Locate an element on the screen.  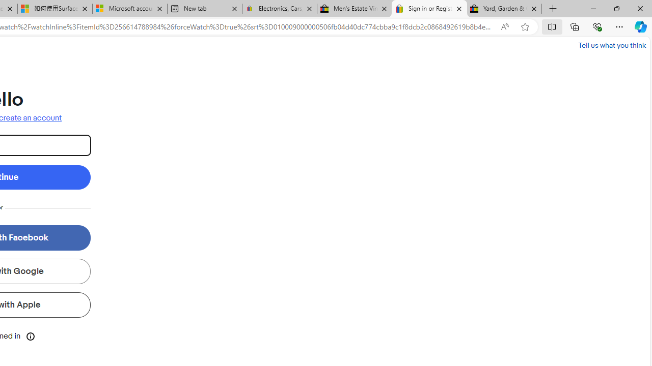
'Sign in or Register | eBay' is located at coordinates (429, 9).